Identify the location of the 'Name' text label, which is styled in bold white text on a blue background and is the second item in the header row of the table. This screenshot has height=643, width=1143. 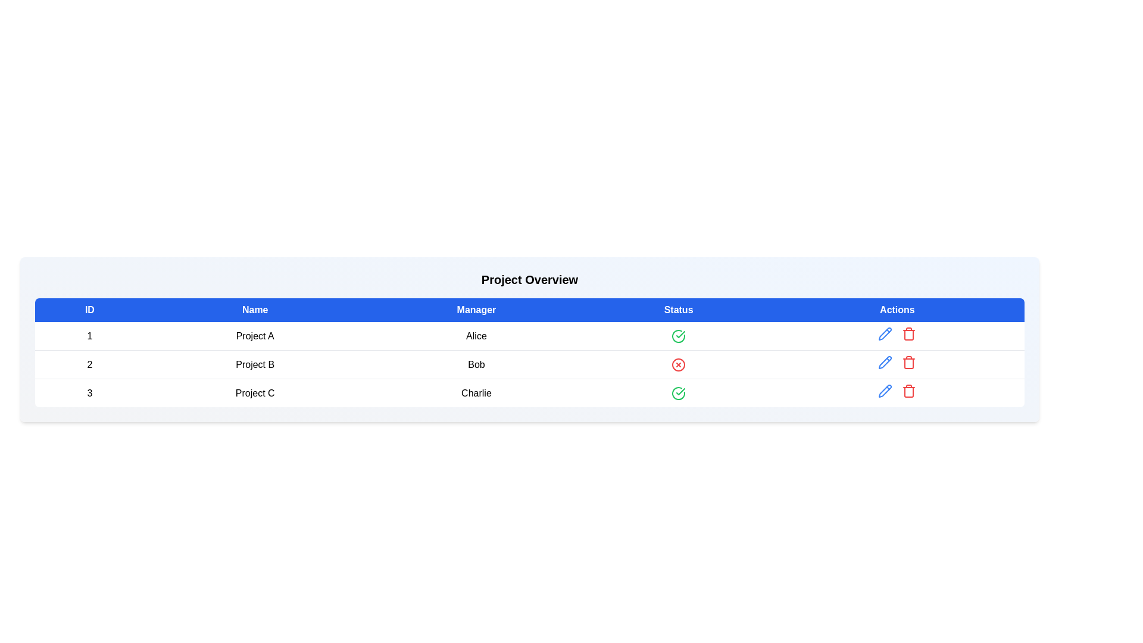
(254, 309).